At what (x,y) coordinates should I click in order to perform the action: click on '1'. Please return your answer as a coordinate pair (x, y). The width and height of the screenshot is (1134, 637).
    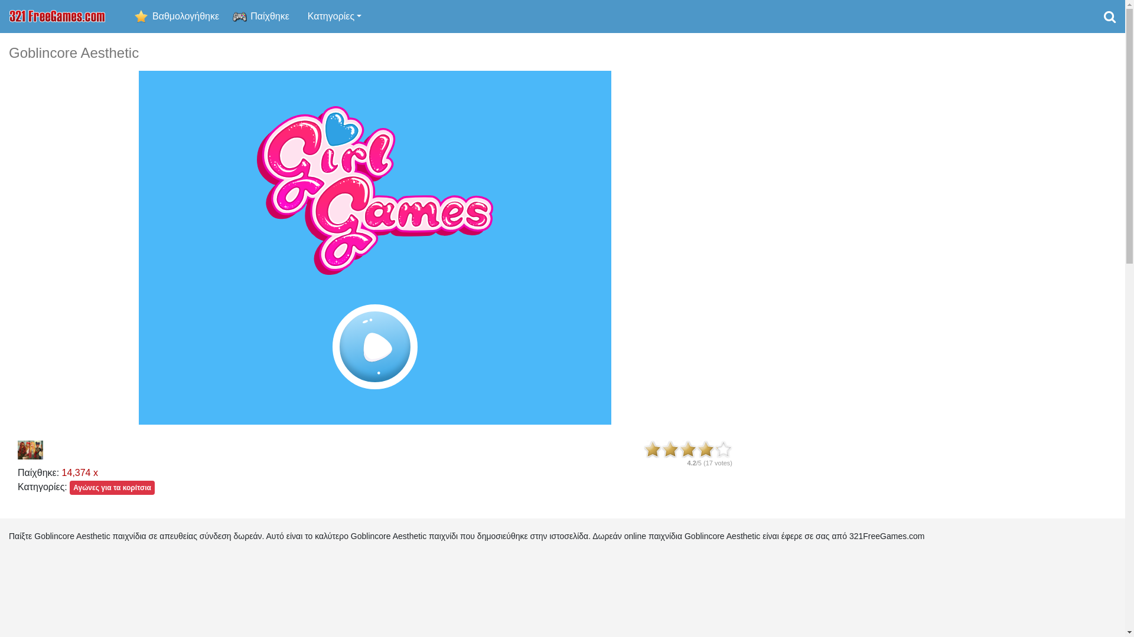
    Looking at the image, I should click on (651, 449).